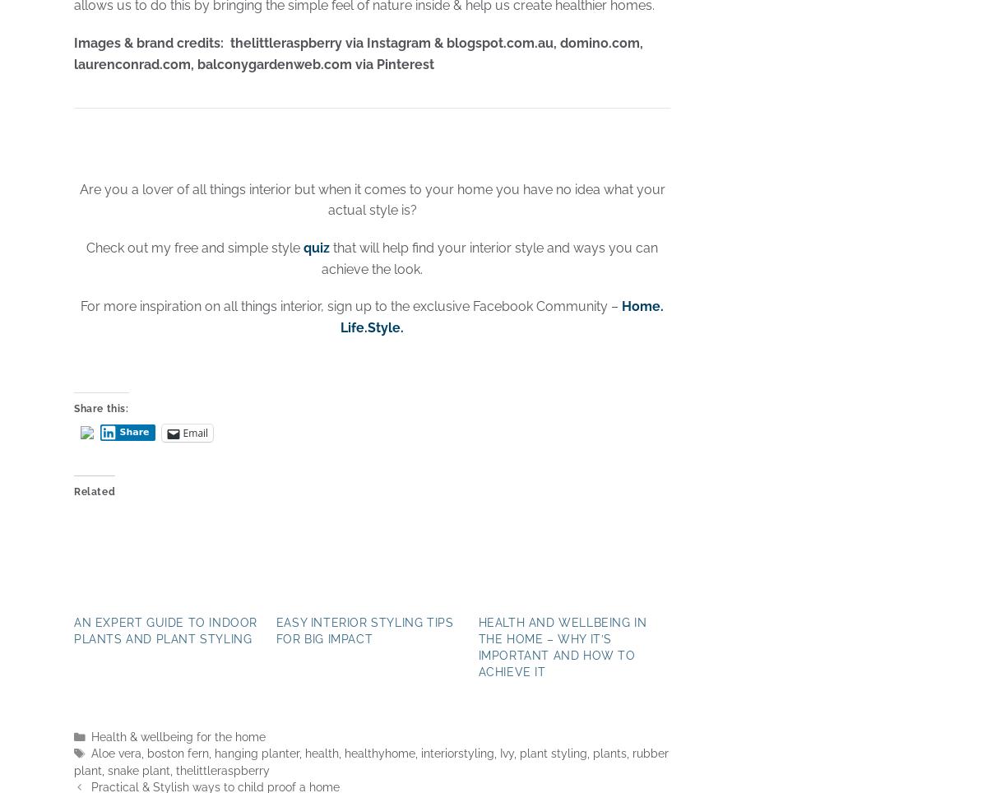 This screenshot has width=987, height=793. Describe the element at coordinates (194, 433) in the screenshot. I see `'Email'` at that location.